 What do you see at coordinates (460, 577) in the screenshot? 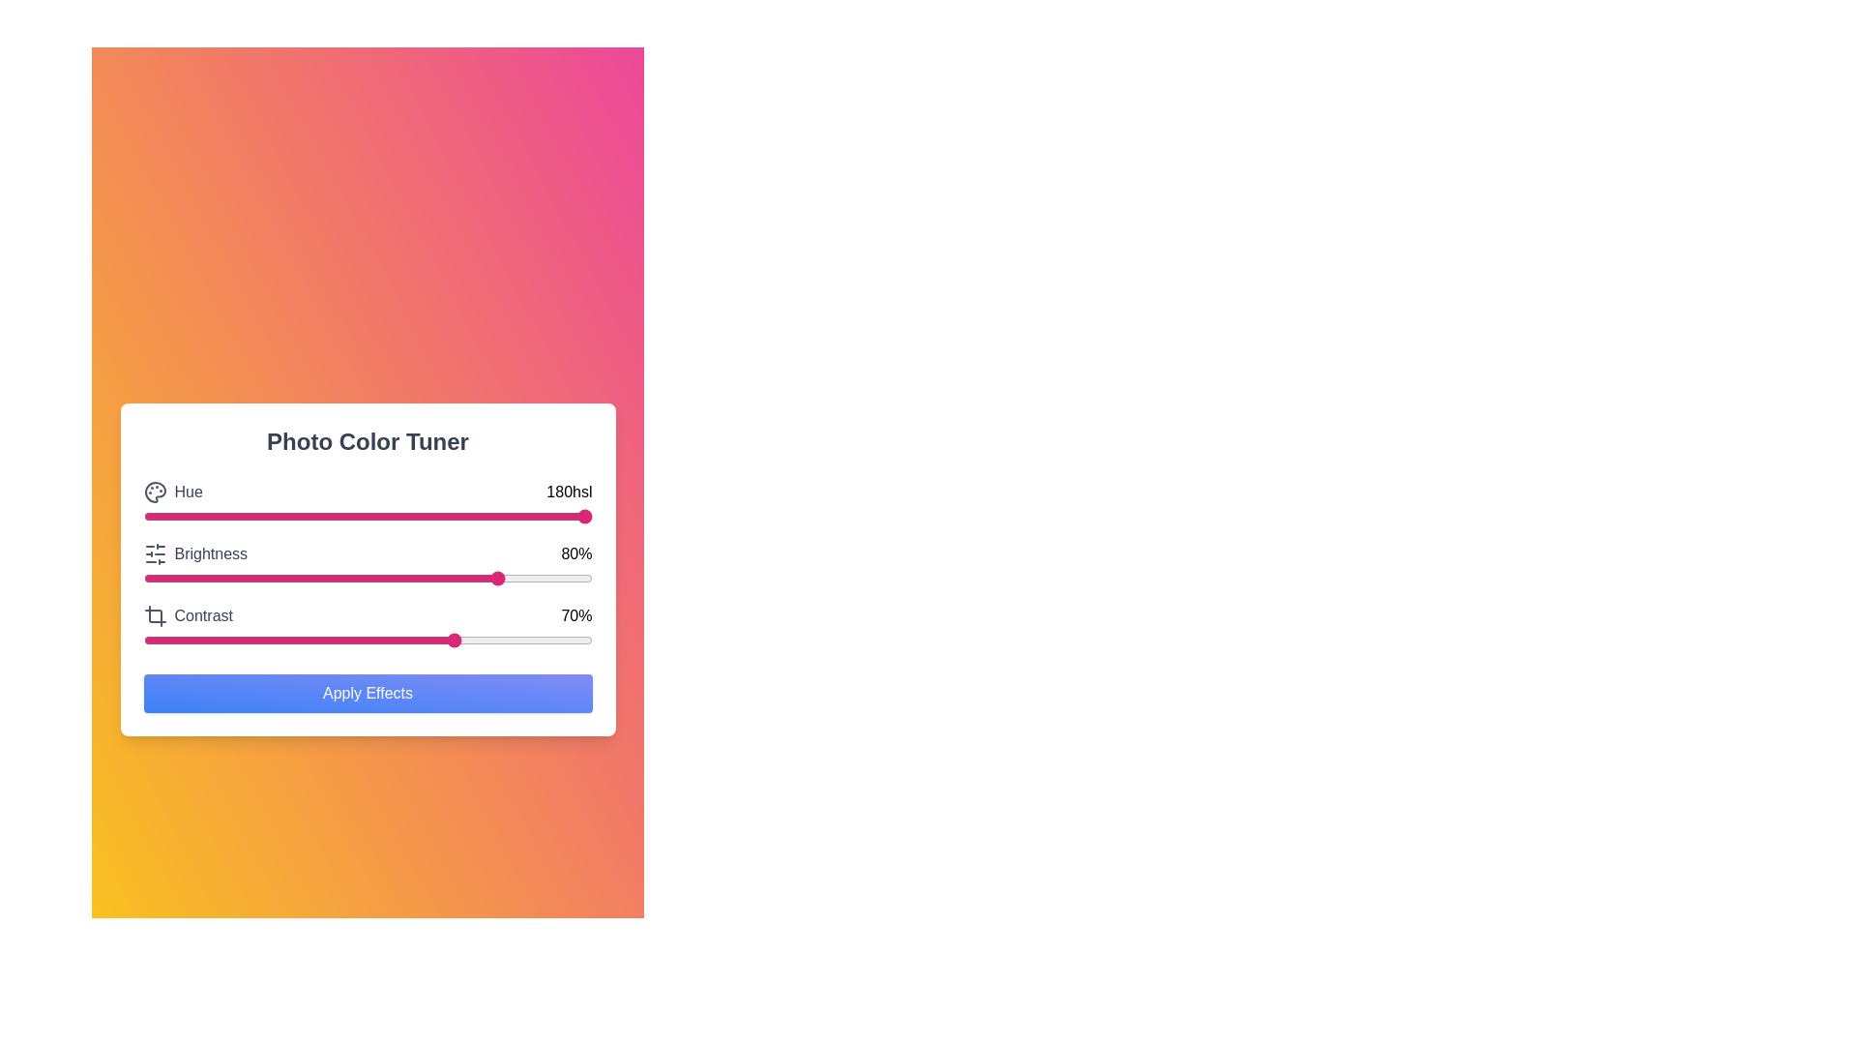
I see `the brightness slider to set the brightness to 71%` at bounding box center [460, 577].